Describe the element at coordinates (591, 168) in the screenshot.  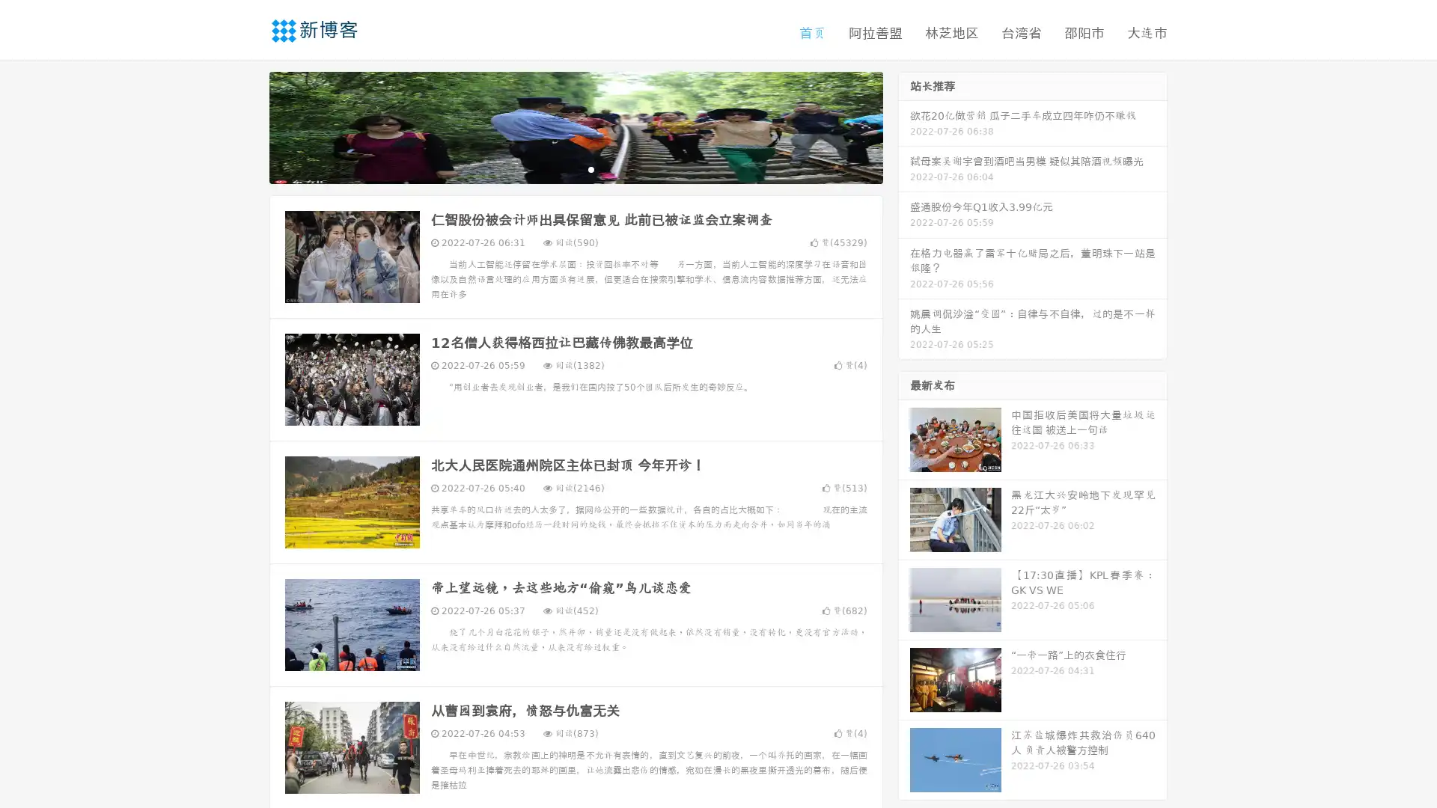
I see `Go to slide 3` at that location.